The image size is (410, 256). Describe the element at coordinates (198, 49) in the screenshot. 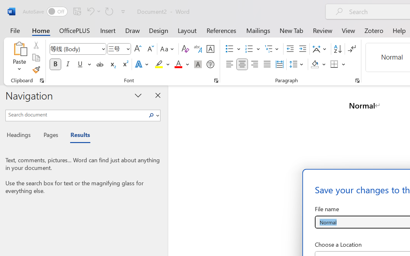

I see `'Phonetic Guide...'` at that location.